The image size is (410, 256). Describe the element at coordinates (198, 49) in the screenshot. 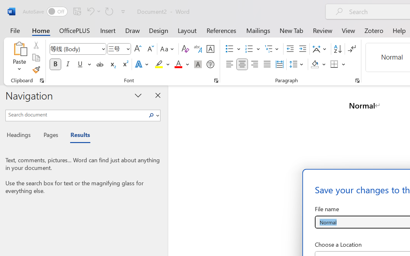

I see `'Phonetic Guide...'` at that location.